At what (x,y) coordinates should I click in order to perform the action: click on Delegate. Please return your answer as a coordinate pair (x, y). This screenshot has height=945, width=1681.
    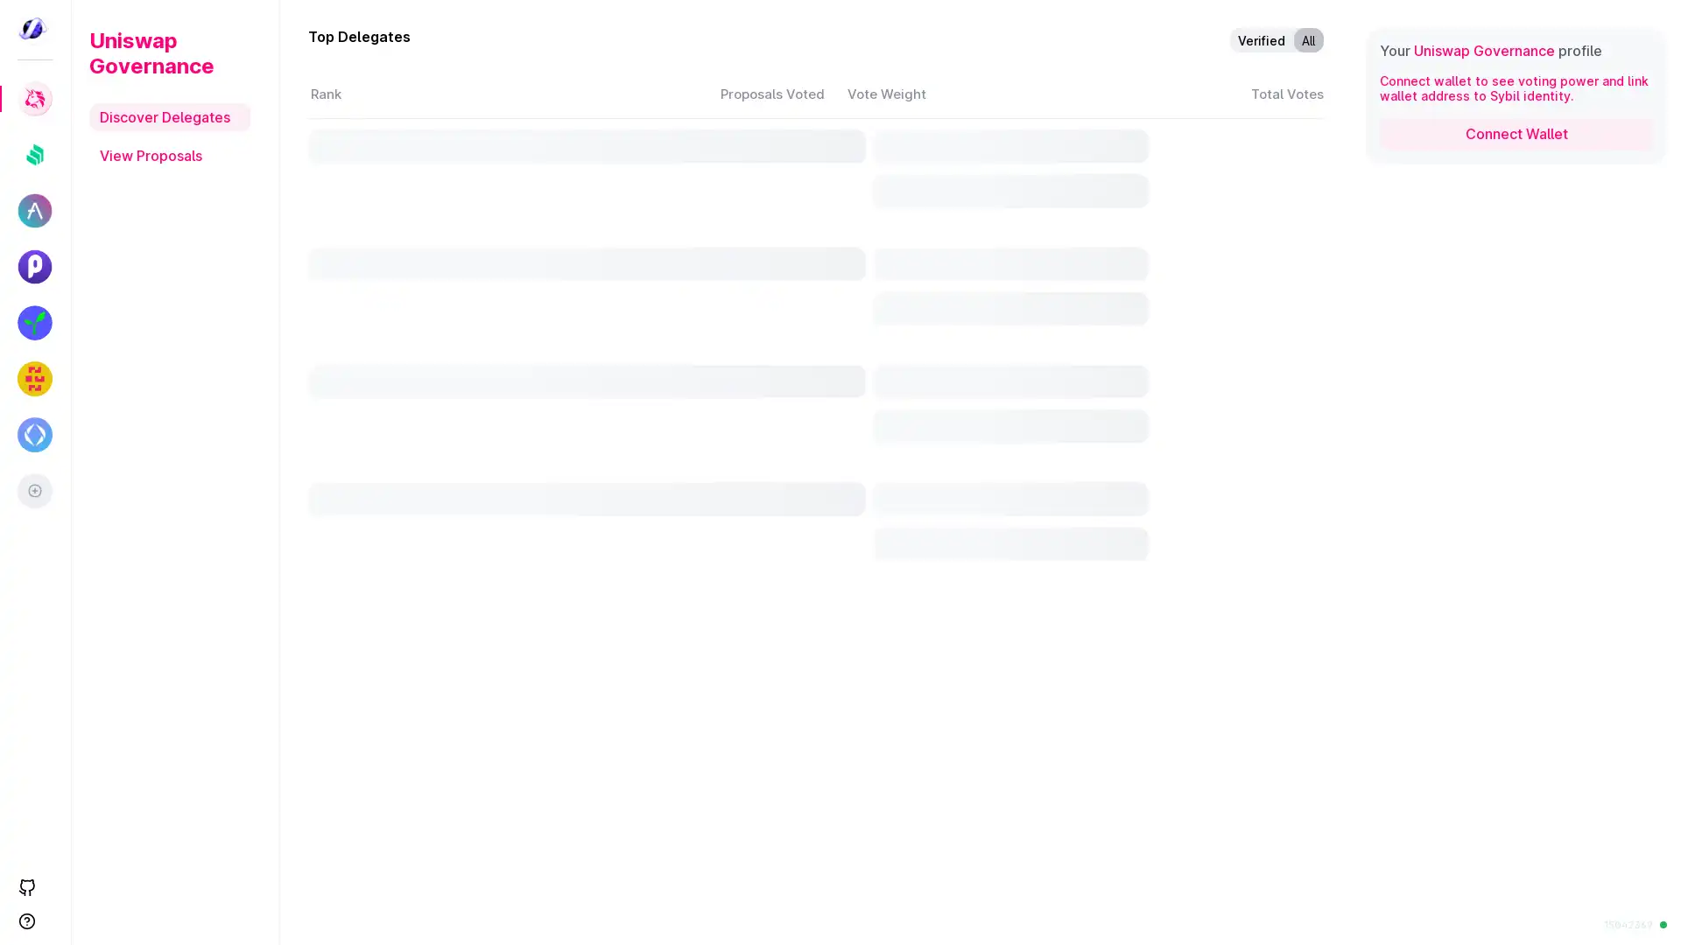
    Looking at the image, I should click on (1161, 294).